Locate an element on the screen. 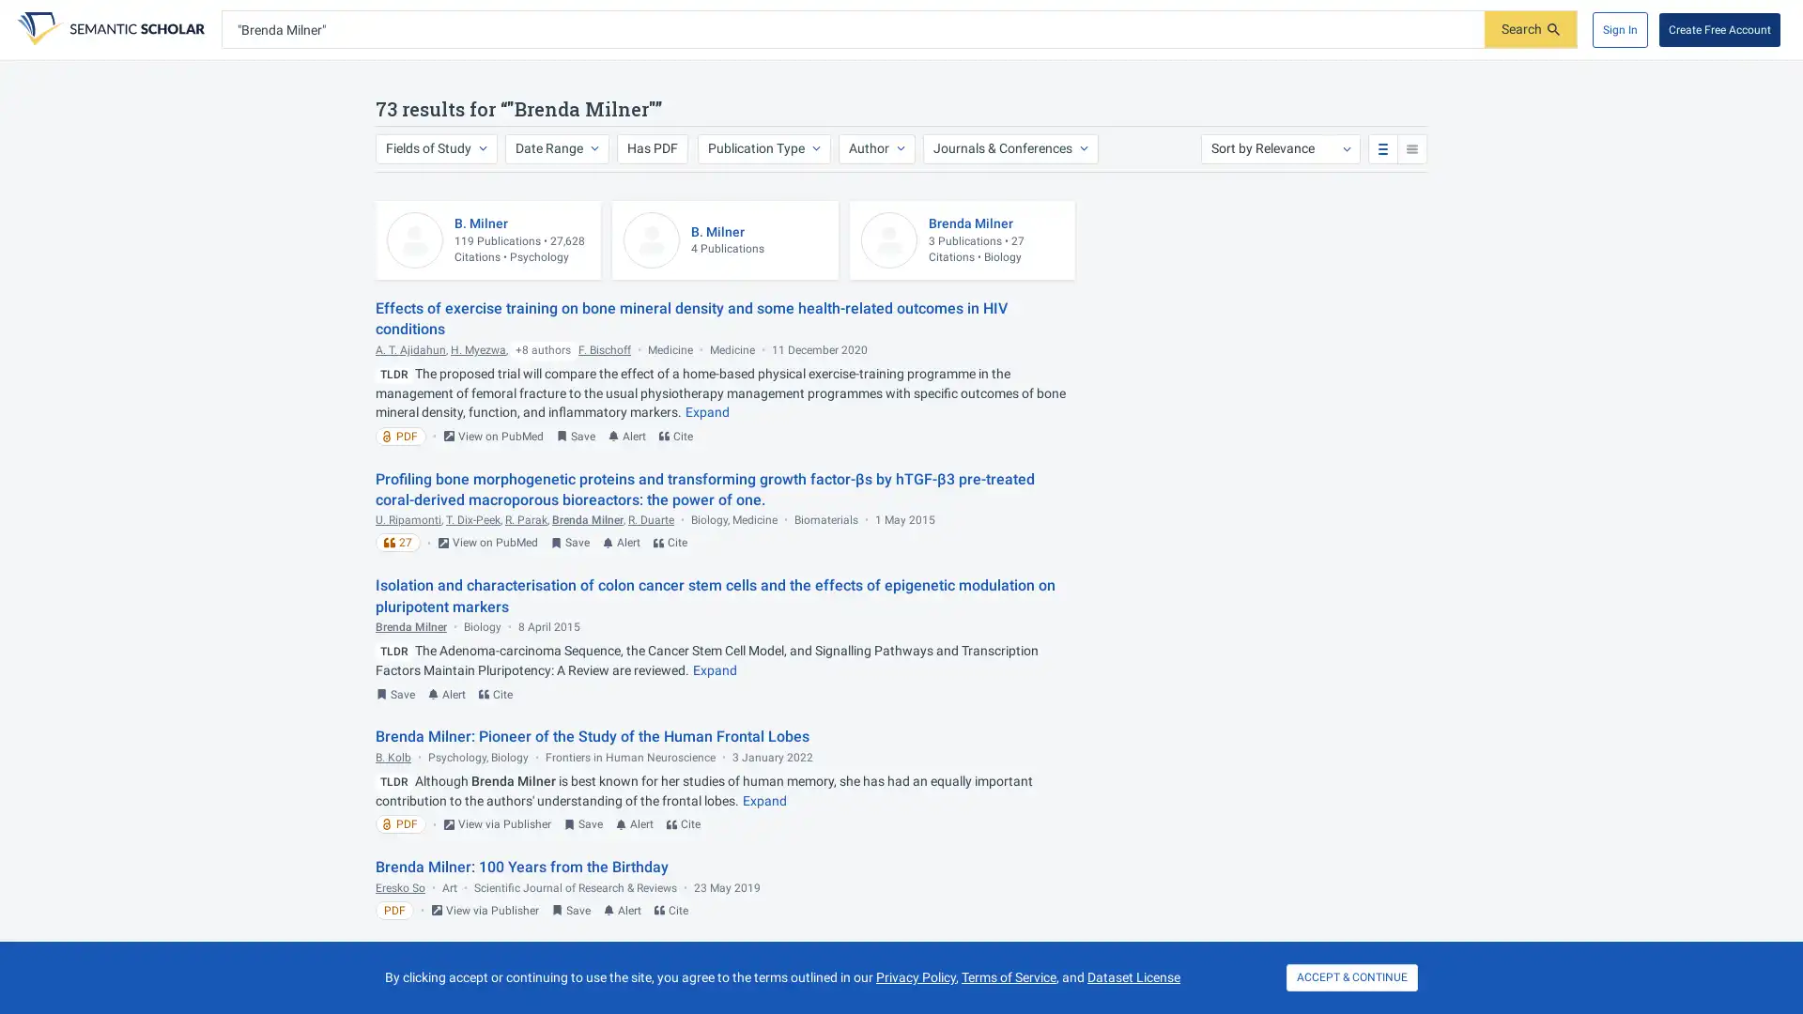  standard search results view is located at coordinates (1383, 147).